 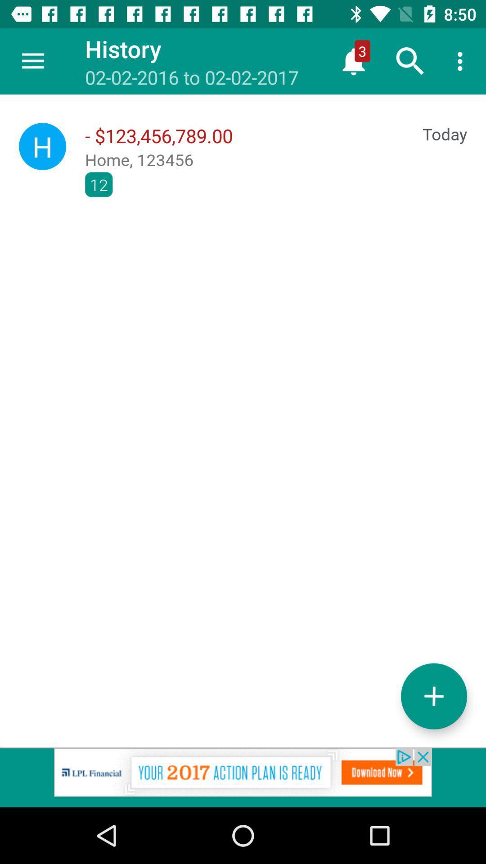 I want to click on button at bottom right corner, so click(x=433, y=696).